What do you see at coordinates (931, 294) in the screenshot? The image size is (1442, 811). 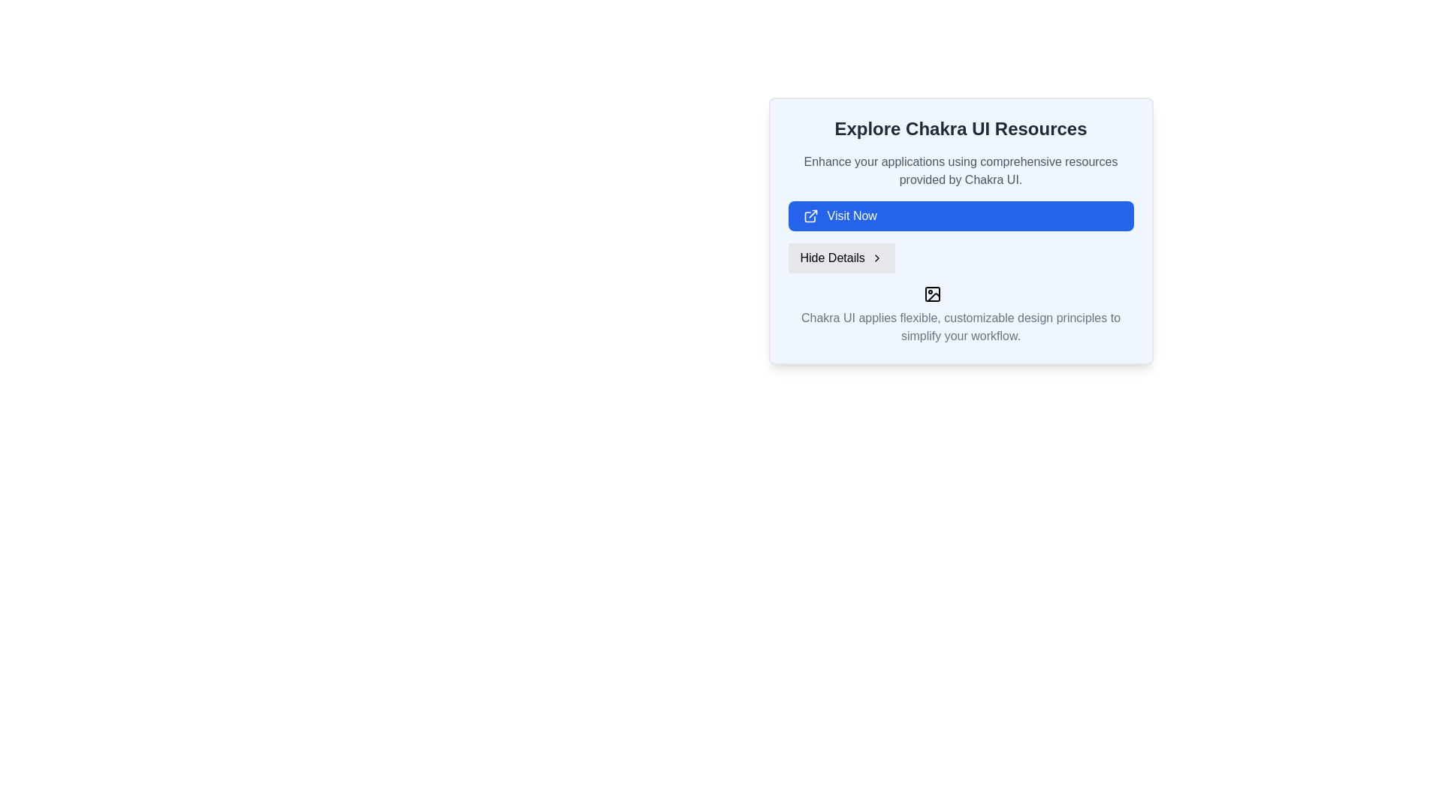 I see `the small rectangle with rounded corners located within the SVG image icon representation of a placeholder` at bounding box center [931, 294].